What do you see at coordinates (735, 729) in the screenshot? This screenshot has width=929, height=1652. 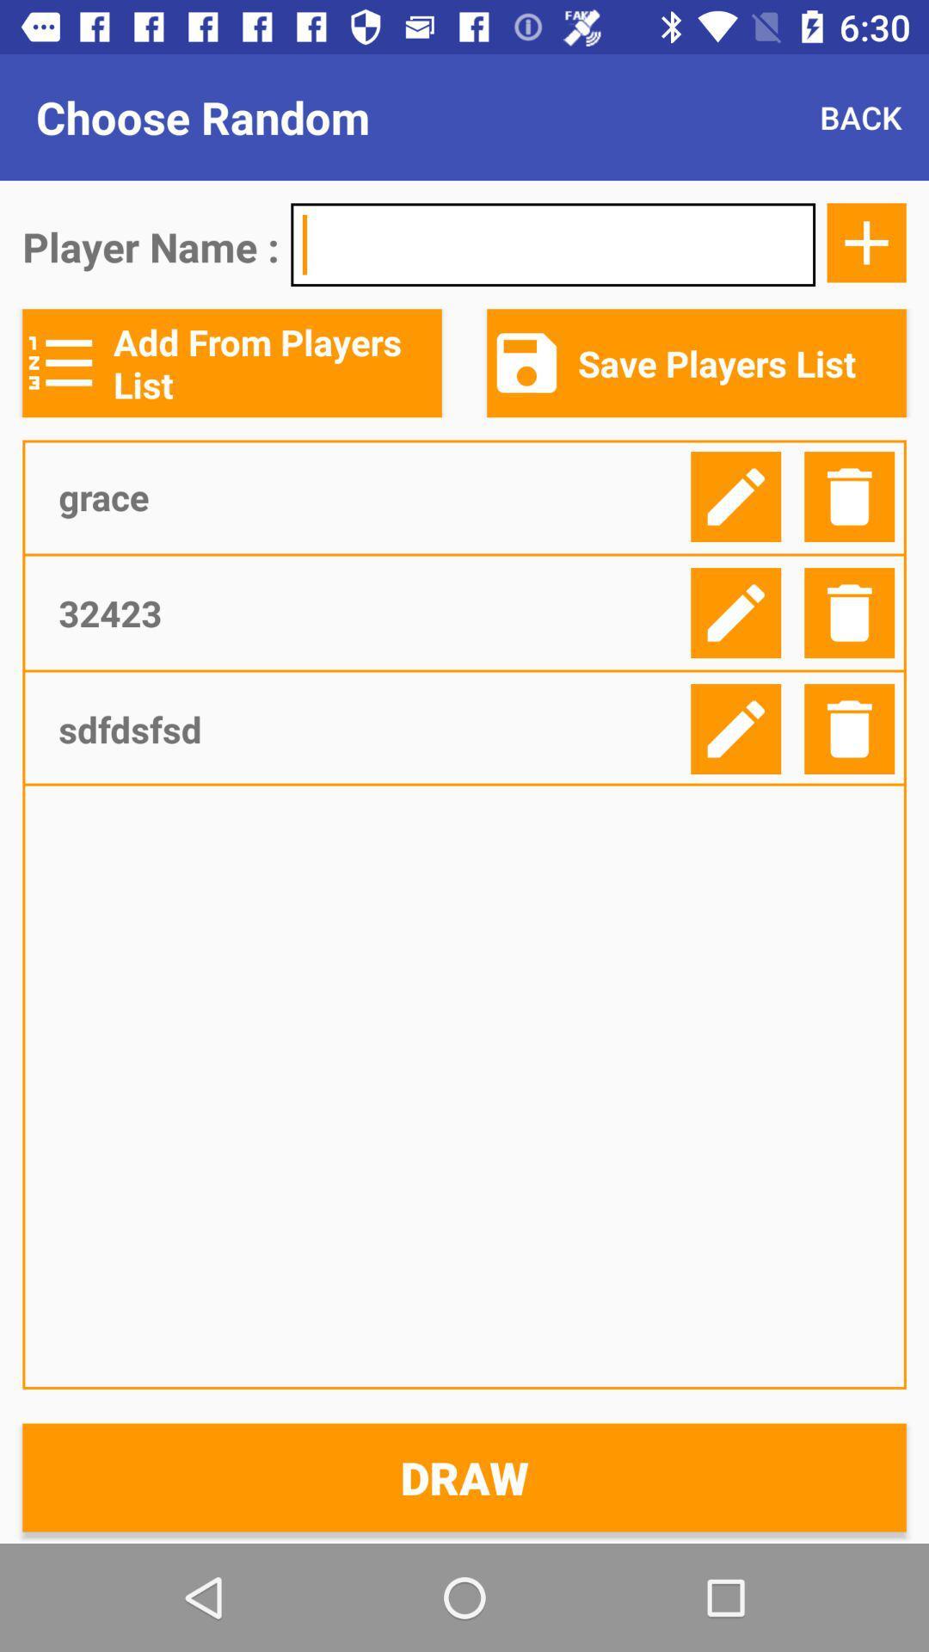 I see `edit player` at bounding box center [735, 729].